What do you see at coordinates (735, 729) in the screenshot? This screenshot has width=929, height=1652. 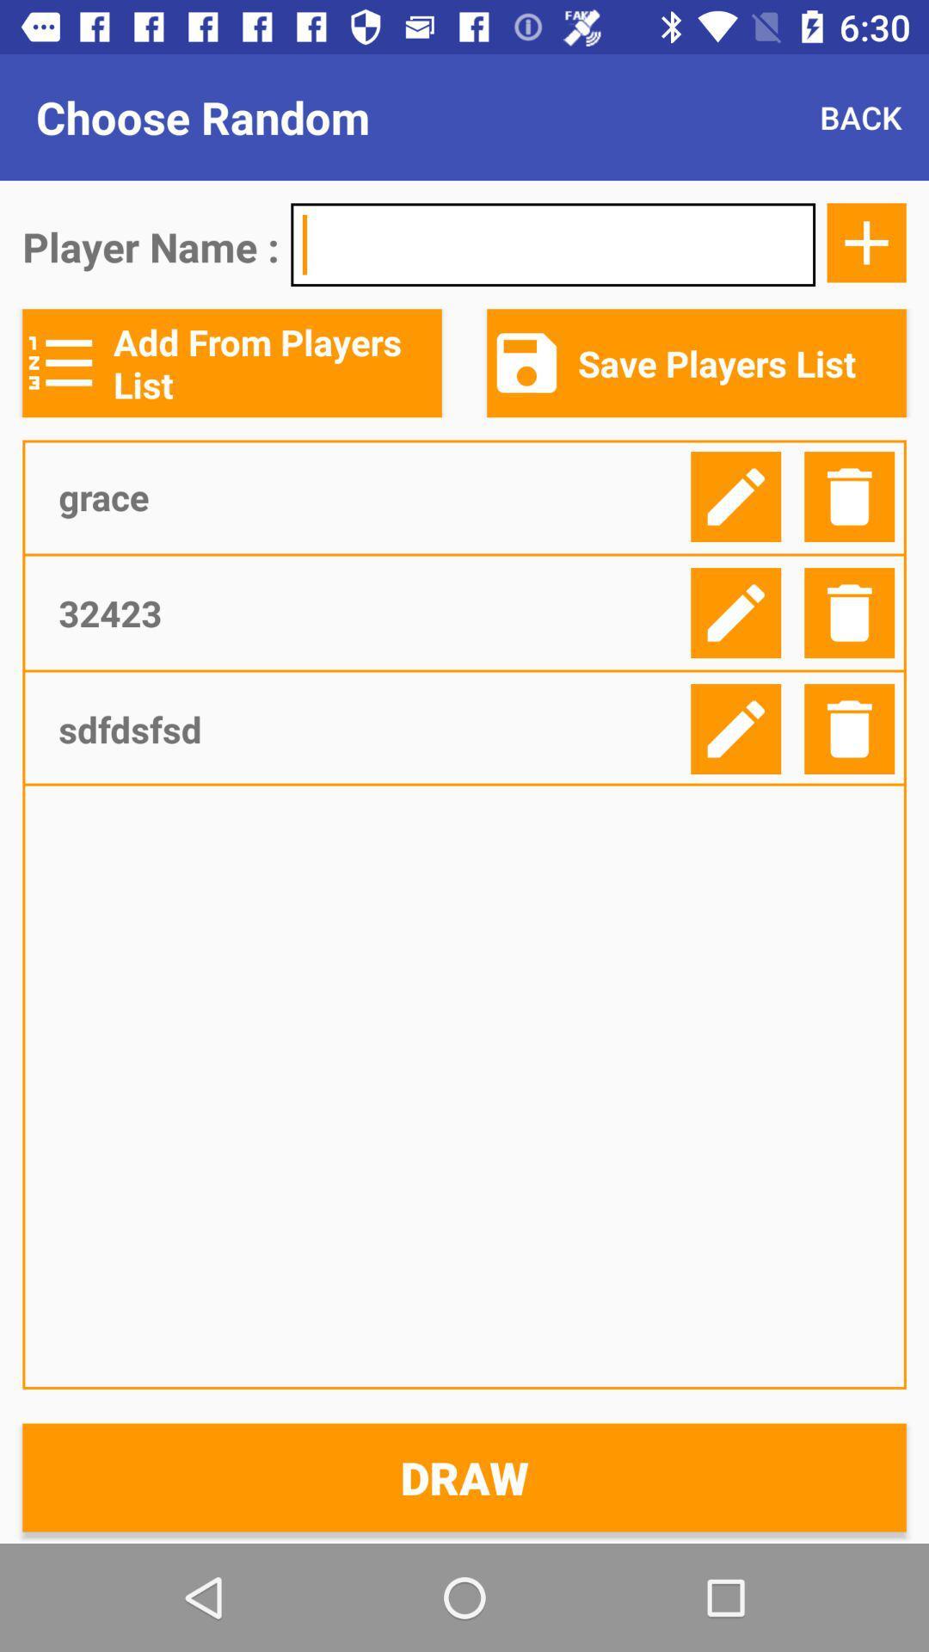 I see `edit player` at bounding box center [735, 729].